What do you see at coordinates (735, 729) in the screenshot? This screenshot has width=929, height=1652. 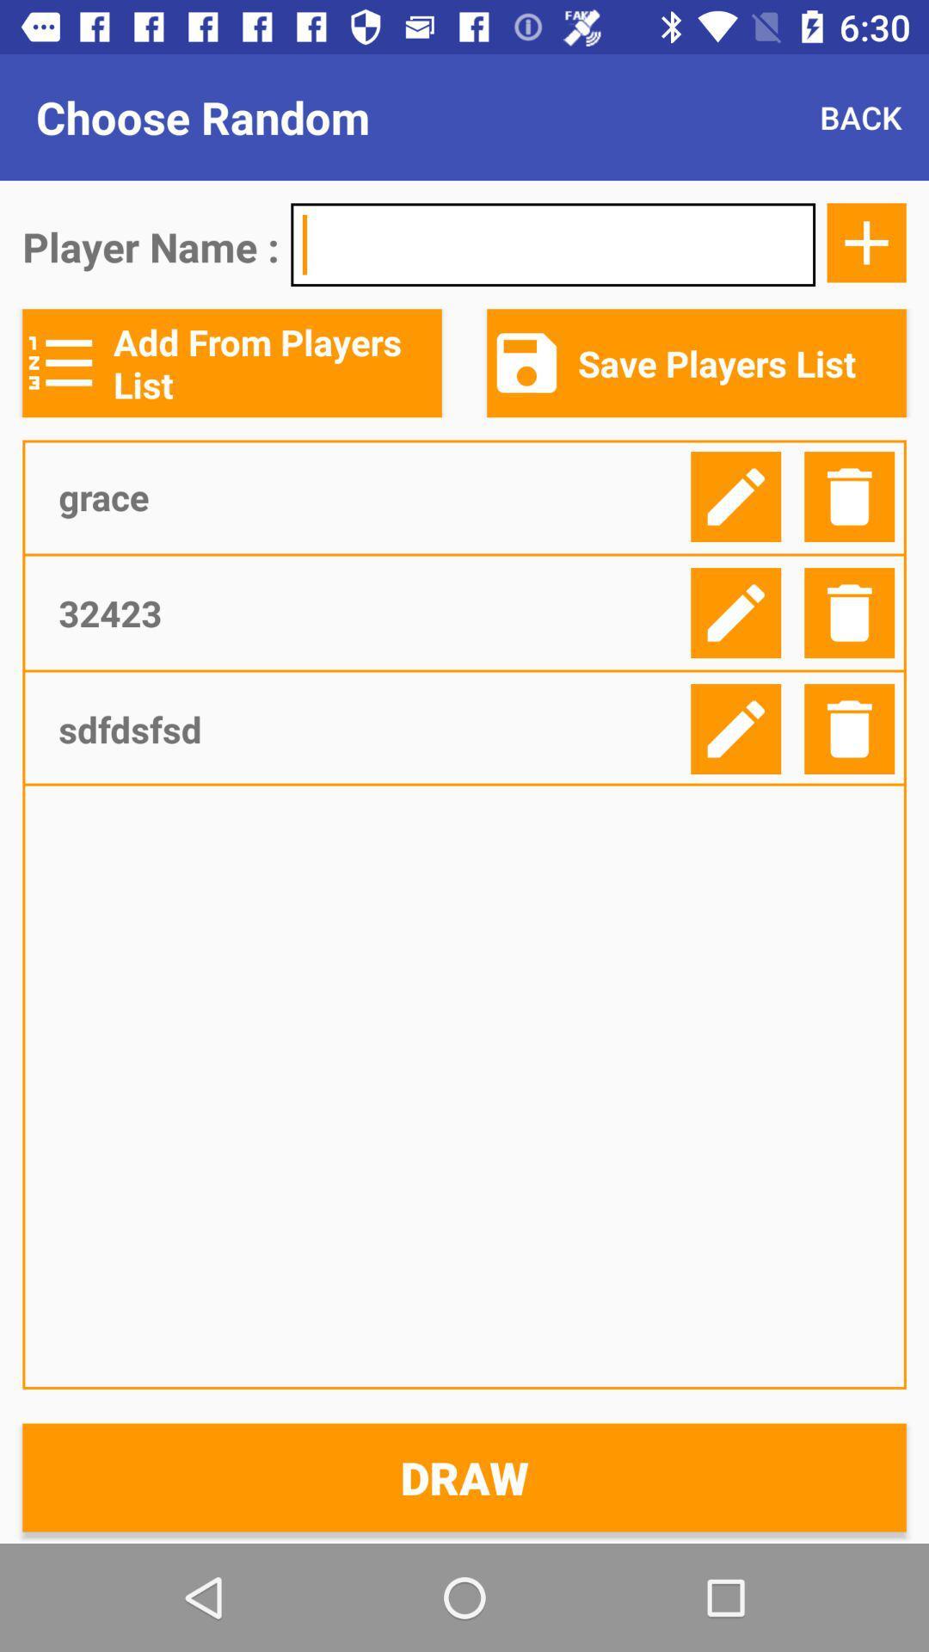 I see `edit player` at bounding box center [735, 729].